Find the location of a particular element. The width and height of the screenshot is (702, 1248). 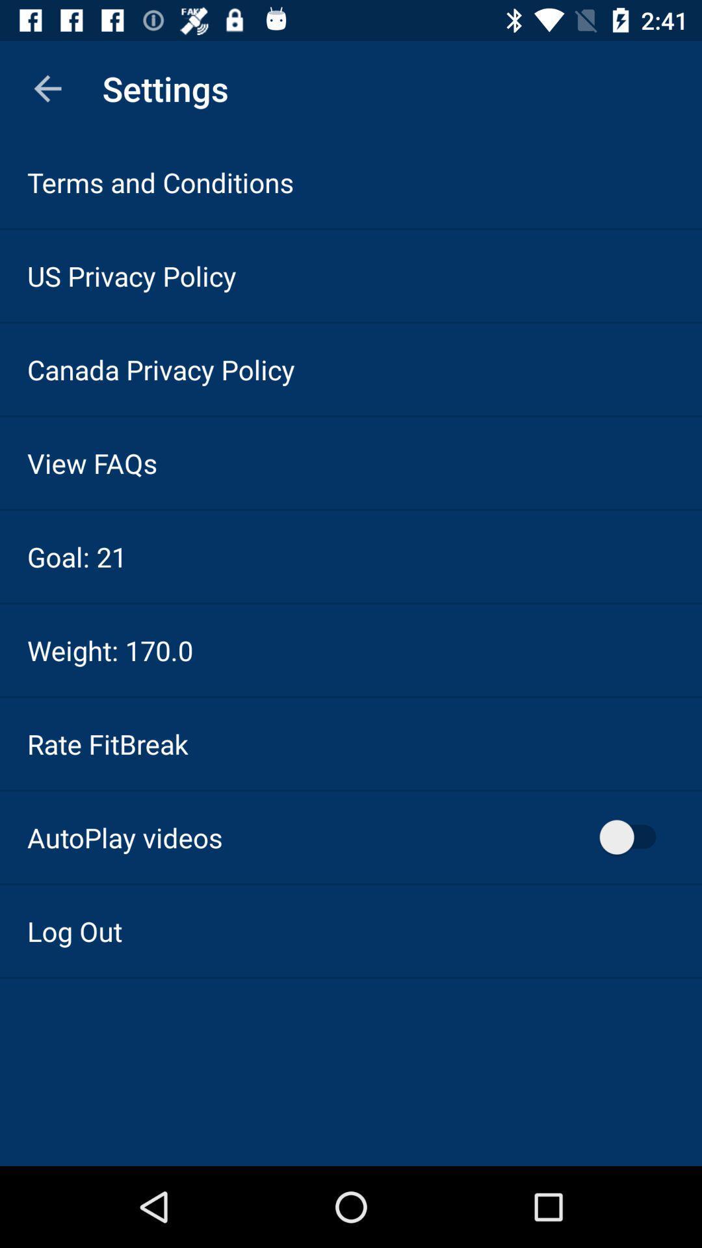

rate fitbreak item is located at coordinates (107, 744).